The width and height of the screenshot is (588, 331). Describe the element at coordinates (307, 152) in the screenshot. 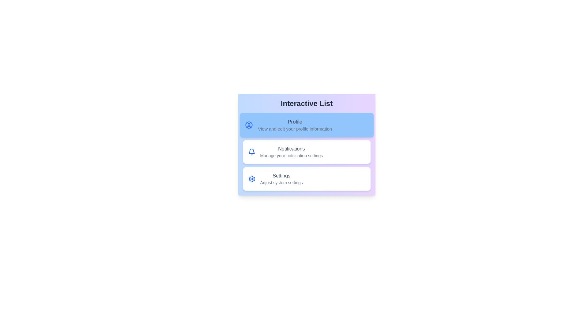

I see `the list item corresponding to Notifications` at that location.